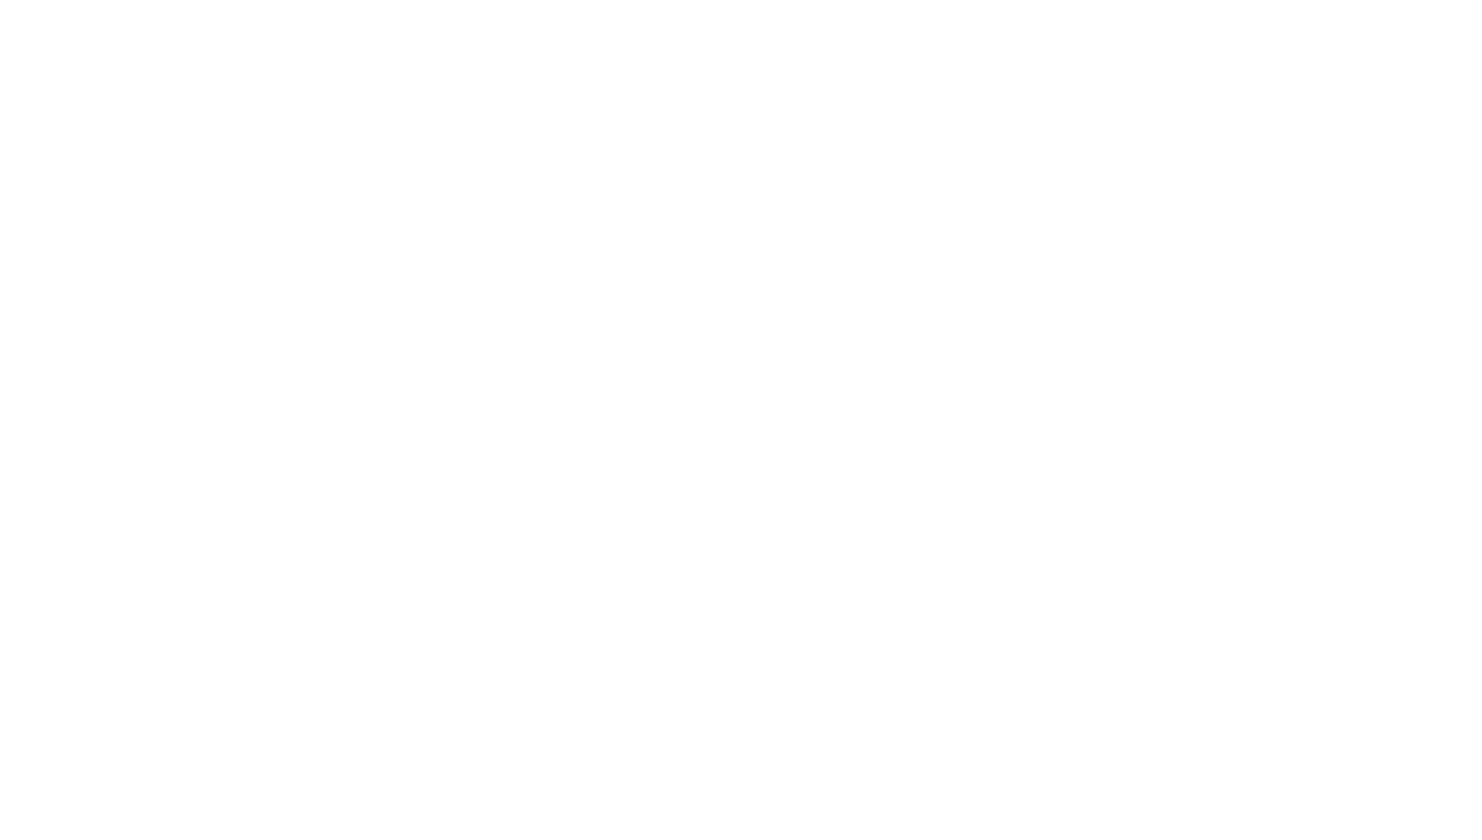 This screenshot has width=1482, height=840. Describe the element at coordinates (646, 120) in the screenshot. I see `'Telefunken Tri-Mono Mic System Debuts at AES'` at that location.